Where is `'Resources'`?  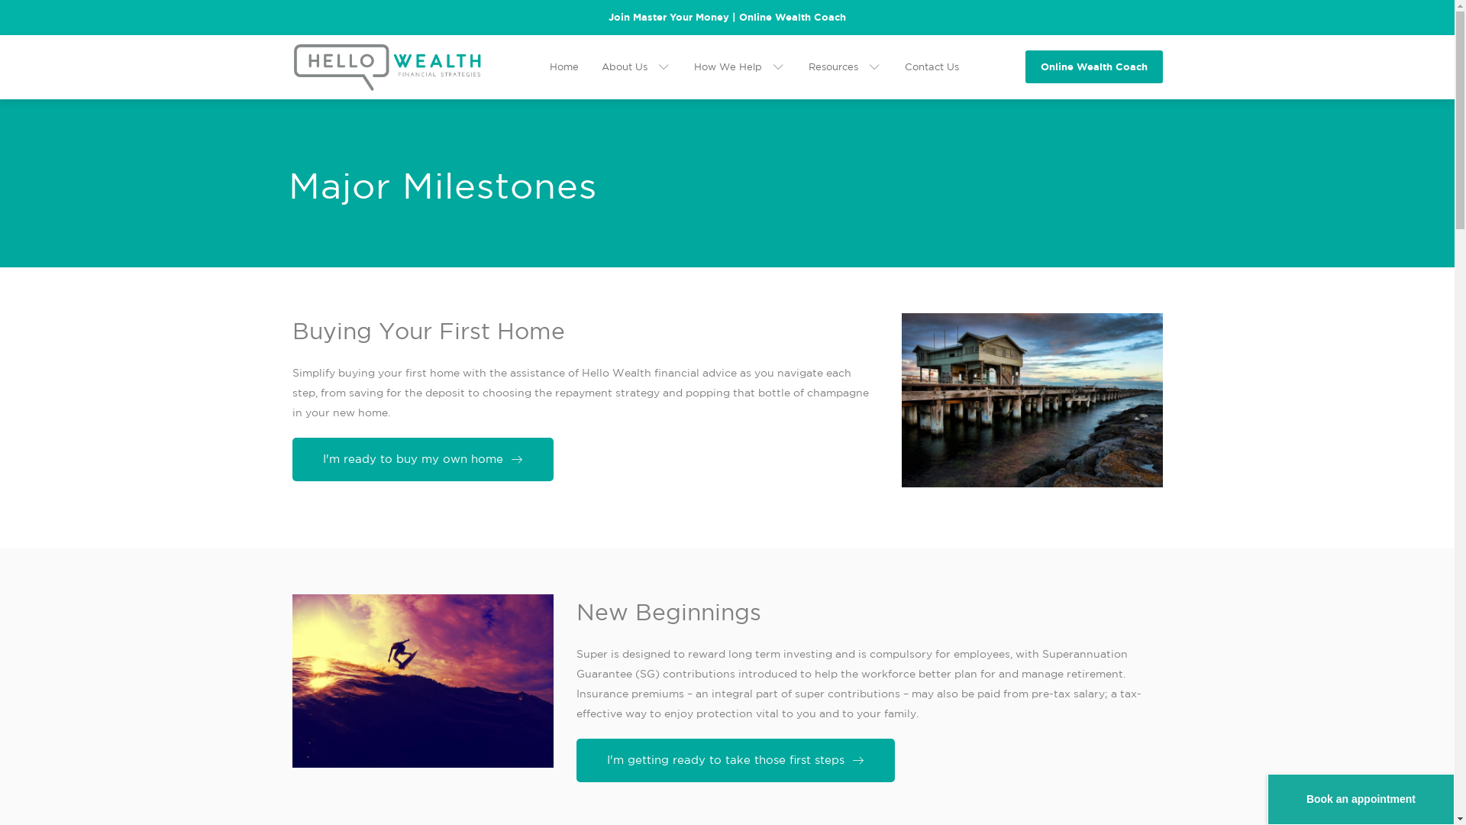 'Resources' is located at coordinates (806, 66).